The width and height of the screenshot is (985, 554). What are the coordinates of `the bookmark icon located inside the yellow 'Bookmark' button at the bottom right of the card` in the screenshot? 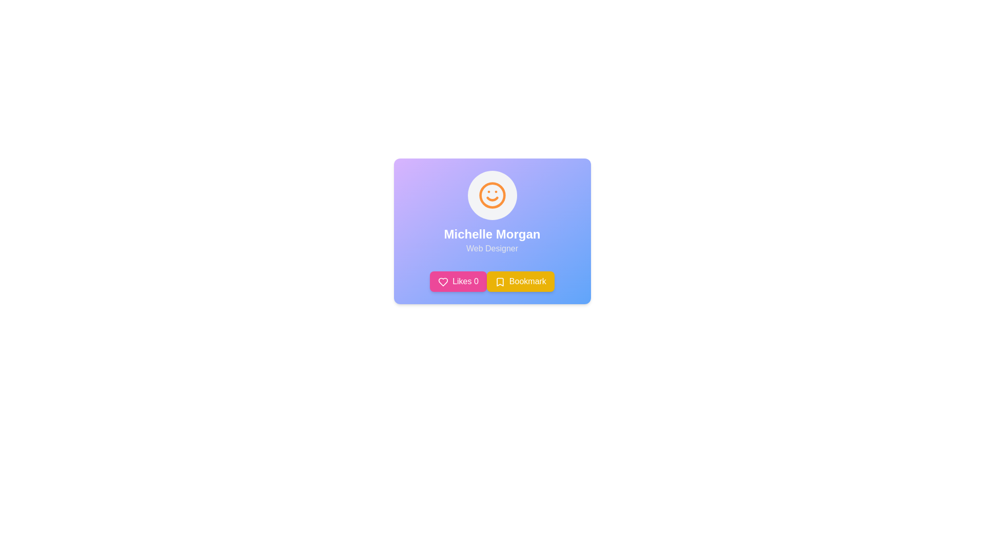 It's located at (500, 282).